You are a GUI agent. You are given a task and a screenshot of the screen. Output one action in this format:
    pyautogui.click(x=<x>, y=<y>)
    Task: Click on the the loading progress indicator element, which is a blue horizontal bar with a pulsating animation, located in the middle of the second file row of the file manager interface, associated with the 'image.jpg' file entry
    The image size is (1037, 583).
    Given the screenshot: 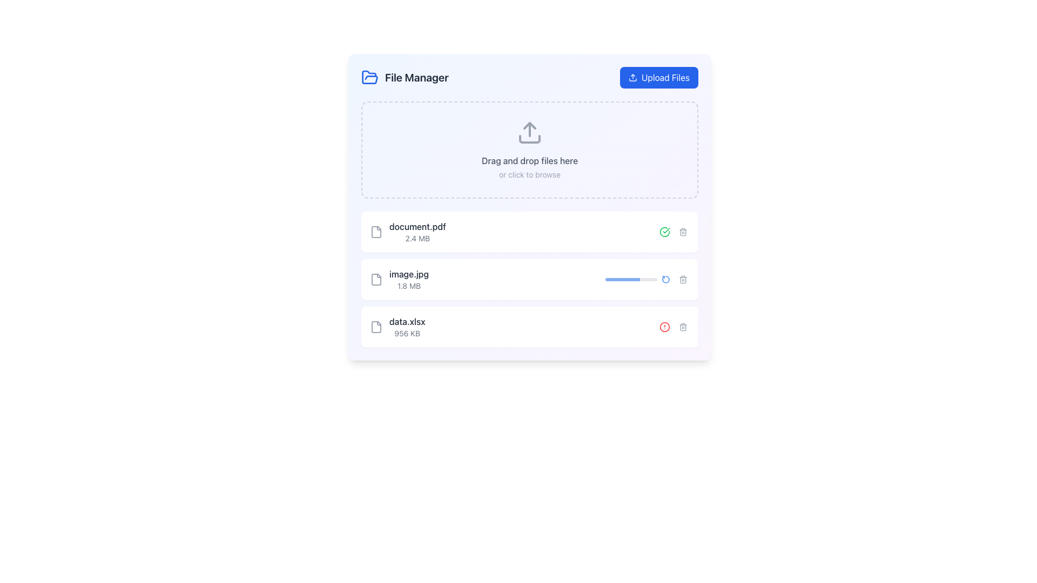 What is the action you would take?
    pyautogui.click(x=622, y=279)
    